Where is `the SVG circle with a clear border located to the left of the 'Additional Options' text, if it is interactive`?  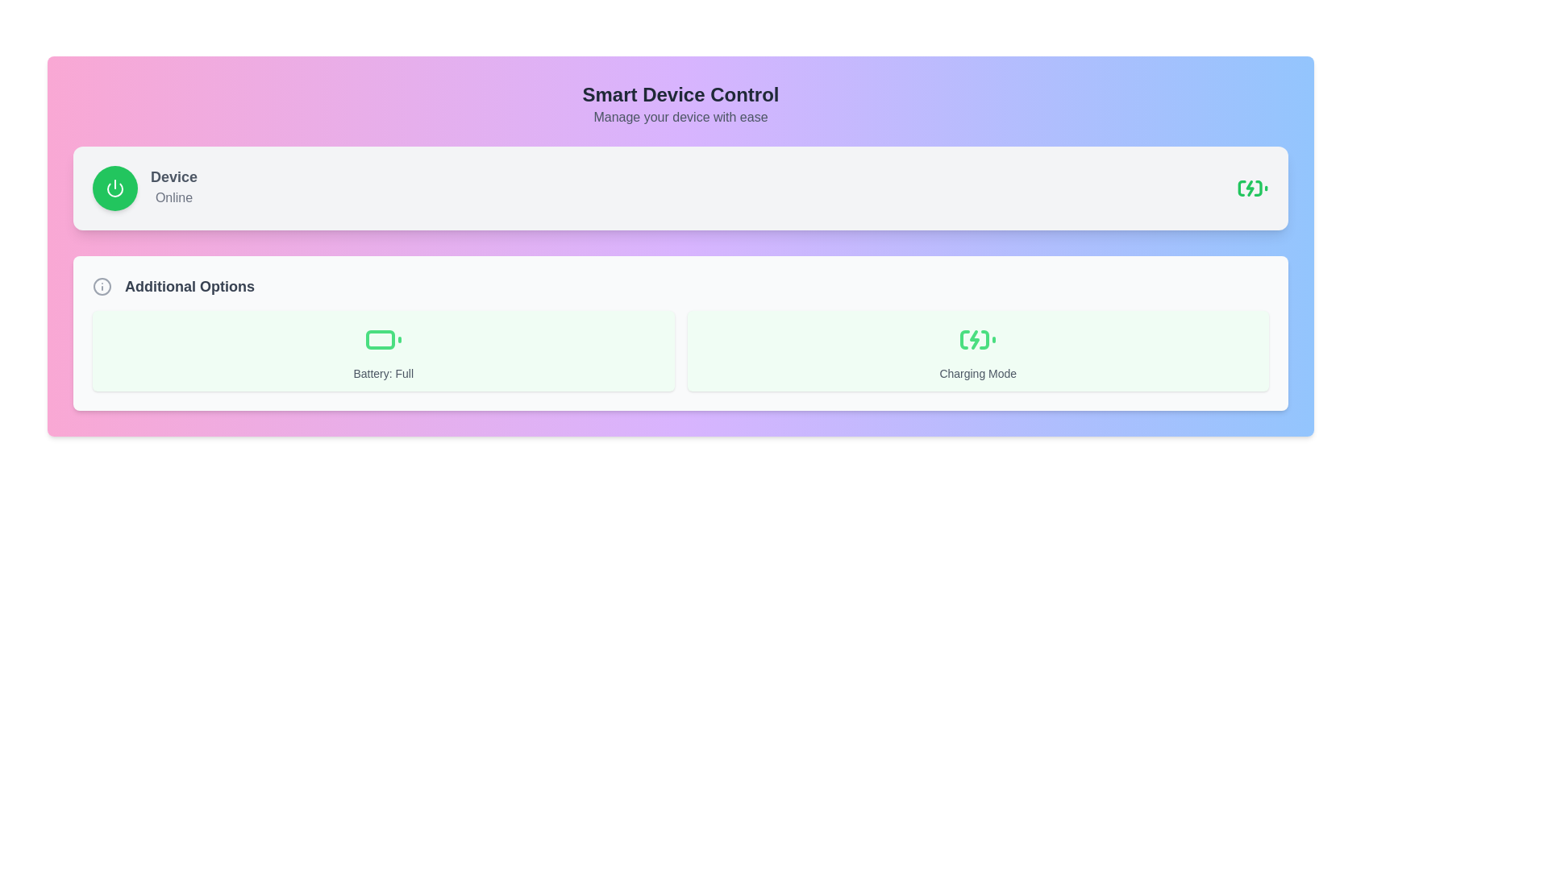 the SVG circle with a clear border located to the left of the 'Additional Options' text, if it is interactive is located at coordinates (101, 285).